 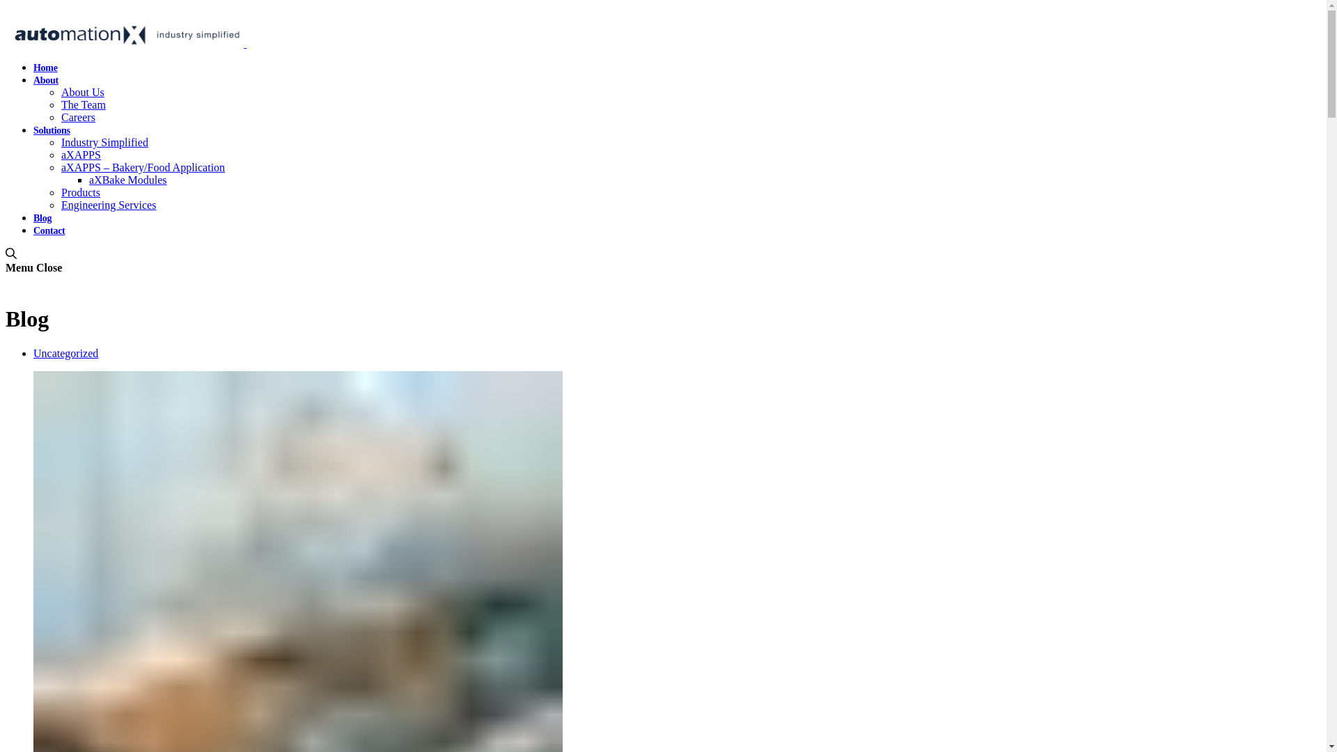 What do you see at coordinates (79, 192) in the screenshot?
I see `'Products'` at bounding box center [79, 192].